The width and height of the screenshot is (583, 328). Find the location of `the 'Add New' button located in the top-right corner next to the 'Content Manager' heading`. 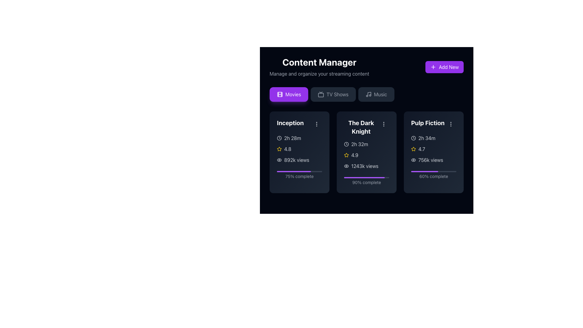

the 'Add New' button located in the top-right corner next to the 'Content Manager' heading is located at coordinates (445, 67).